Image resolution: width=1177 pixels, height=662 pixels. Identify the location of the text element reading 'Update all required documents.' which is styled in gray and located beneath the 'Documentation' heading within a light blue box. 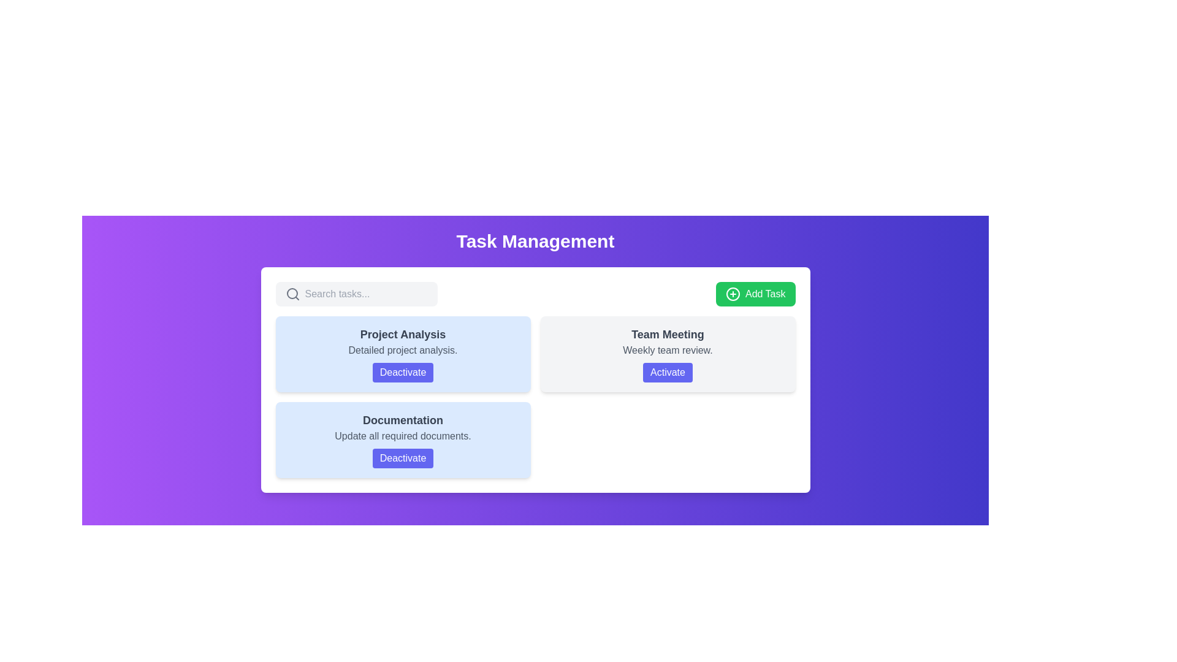
(403, 436).